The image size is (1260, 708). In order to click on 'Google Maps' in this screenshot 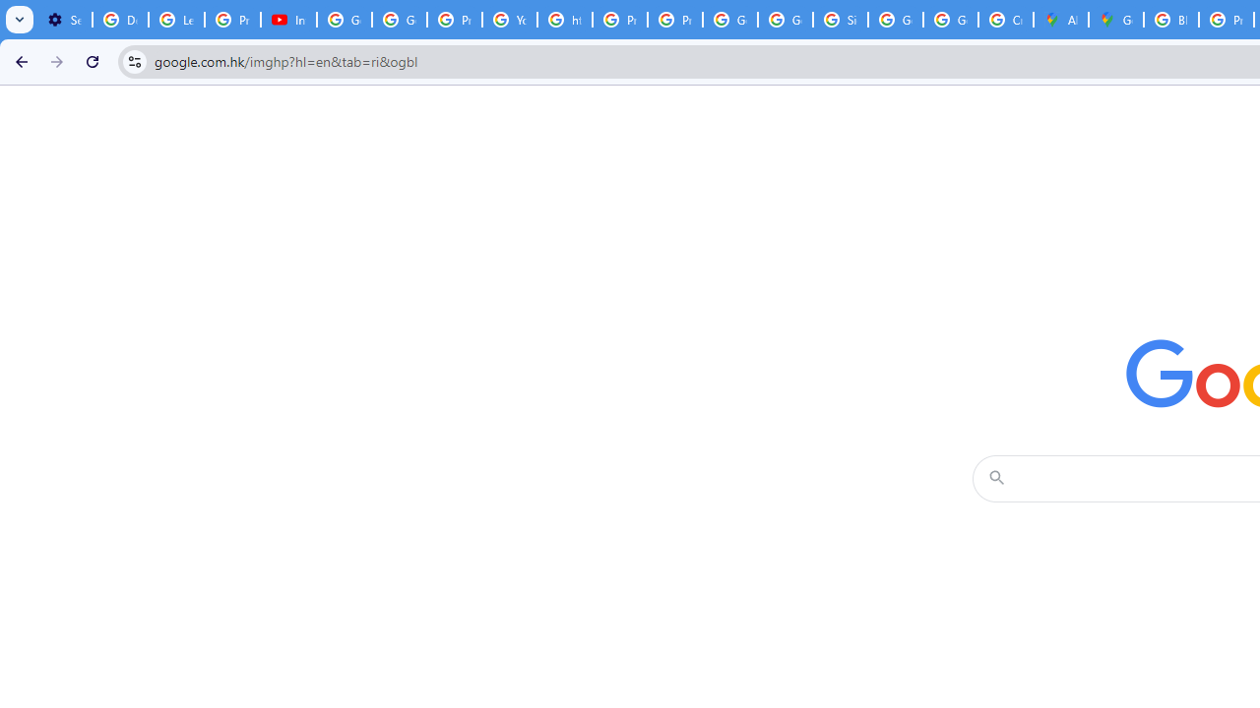, I will do `click(1116, 20)`.